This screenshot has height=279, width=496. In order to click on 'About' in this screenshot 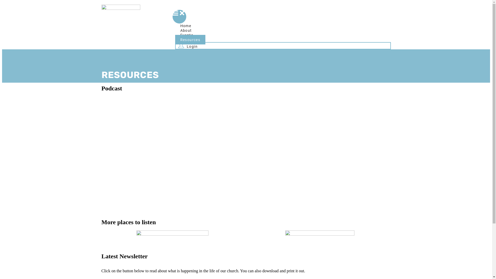, I will do `click(175, 30)`.